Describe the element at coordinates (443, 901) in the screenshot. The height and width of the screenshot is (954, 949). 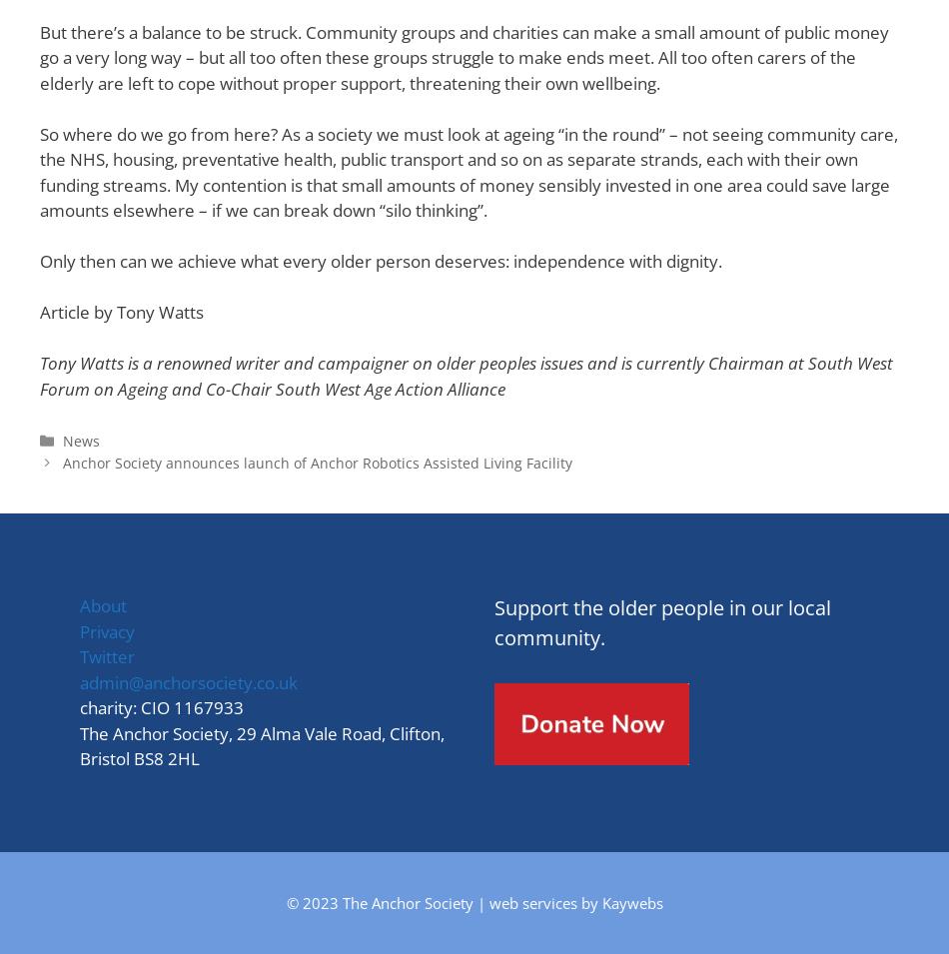
I see `'© 2023 The Anchor Society | web services by'` at that location.